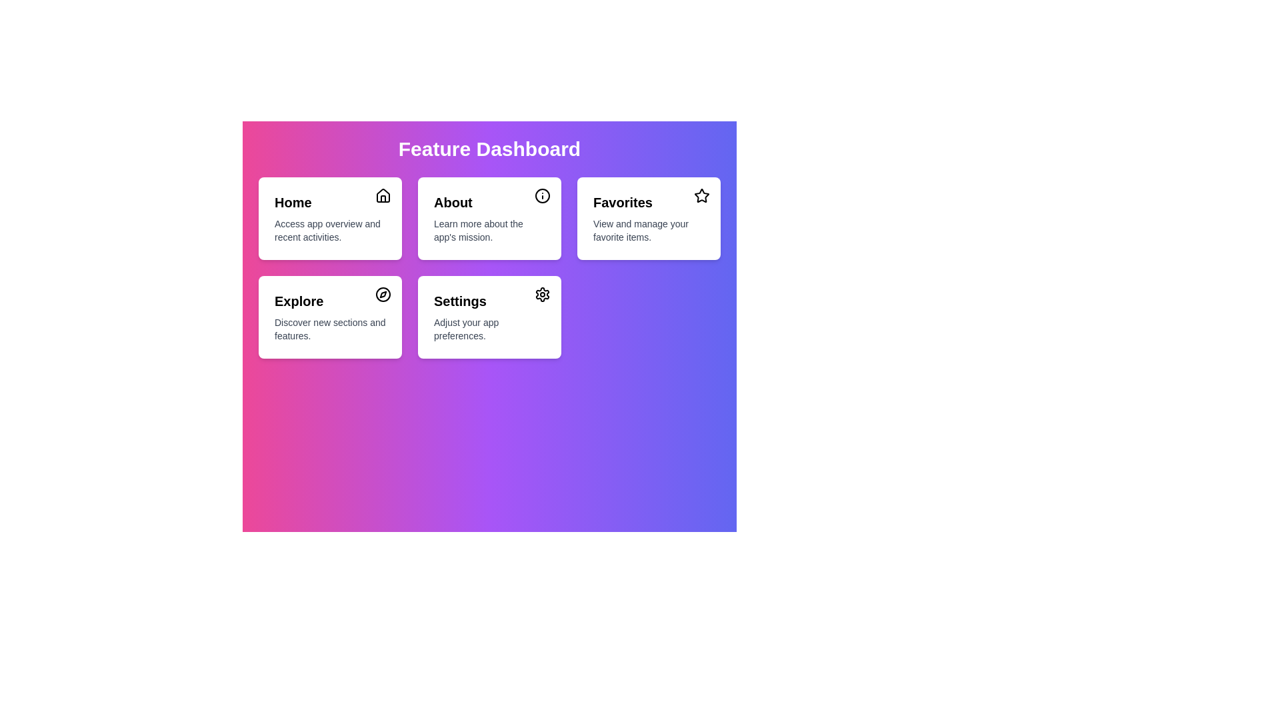 The width and height of the screenshot is (1280, 720). Describe the element at coordinates (383, 195) in the screenshot. I see `the icon of the menu item labeled Home` at that location.